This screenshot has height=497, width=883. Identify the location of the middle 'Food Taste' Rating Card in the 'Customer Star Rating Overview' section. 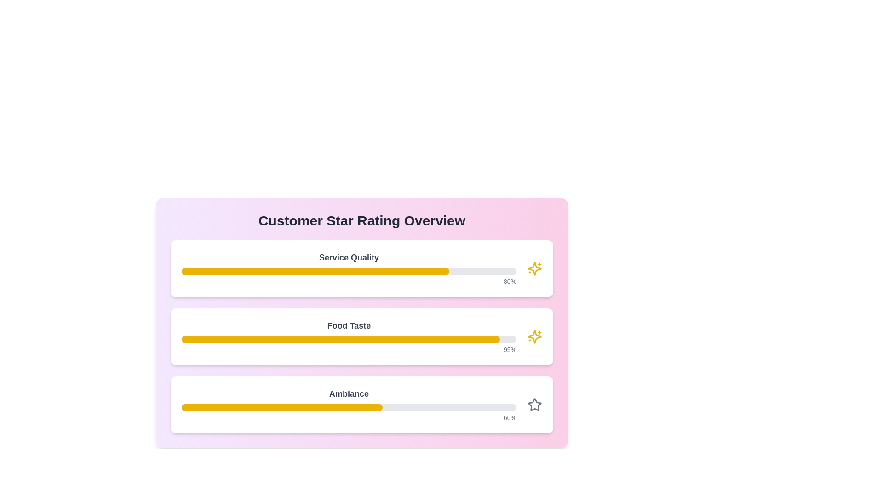
(361, 337).